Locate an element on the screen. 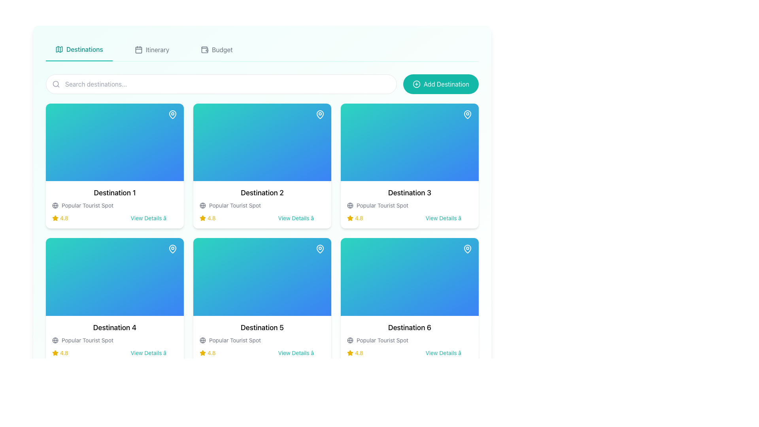  the 'View Details →' button styled in teal located in the bottom section of the card labeled 'Destination 1' is located at coordinates (154, 218).